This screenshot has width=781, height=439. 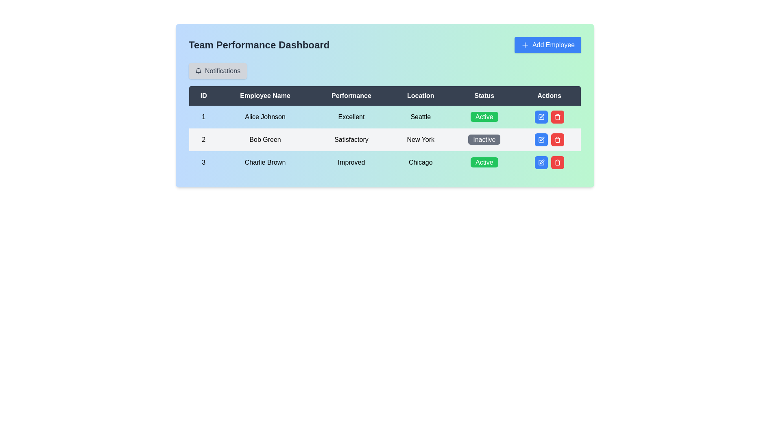 What do you see at coordinates (557, 117) in the screenshot?
I see `the red square button with a trash bin symbol located in the 'Actions' column of the second row of the table` at bounding box center [557, 117].